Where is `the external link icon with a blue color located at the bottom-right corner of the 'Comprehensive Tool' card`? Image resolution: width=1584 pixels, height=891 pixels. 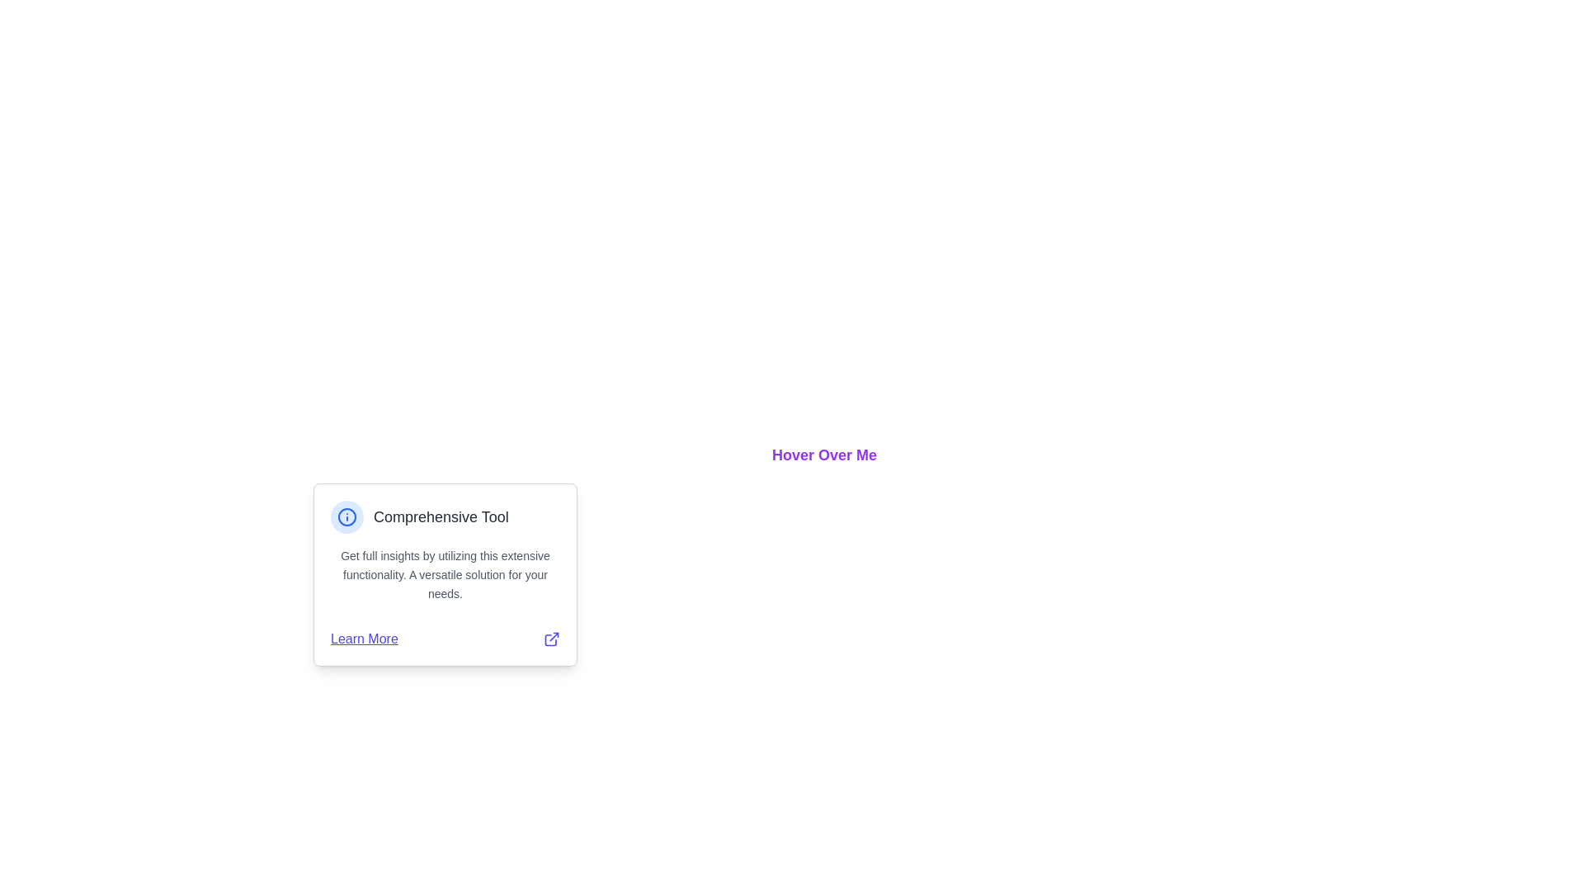
the external link icon with a blue color located at the bottom-right corner of the 'Comprehensive Tool' card is located at coordinates (551, 639).